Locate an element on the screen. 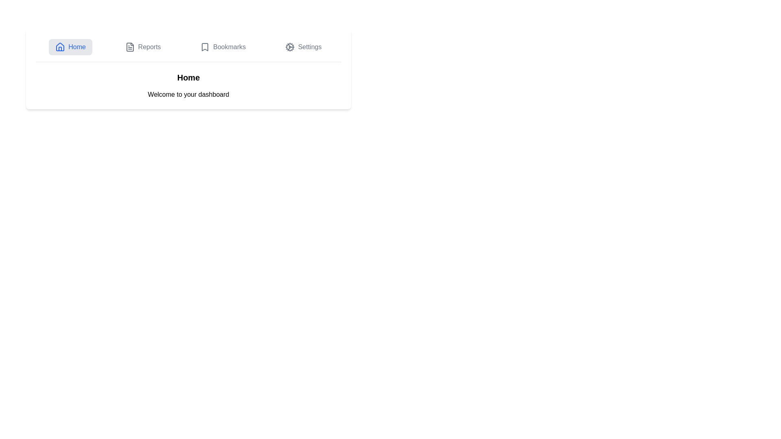  bolded title text labeled 'Home' located prominently at the top of the main content area is located at coordinates (188, 78).